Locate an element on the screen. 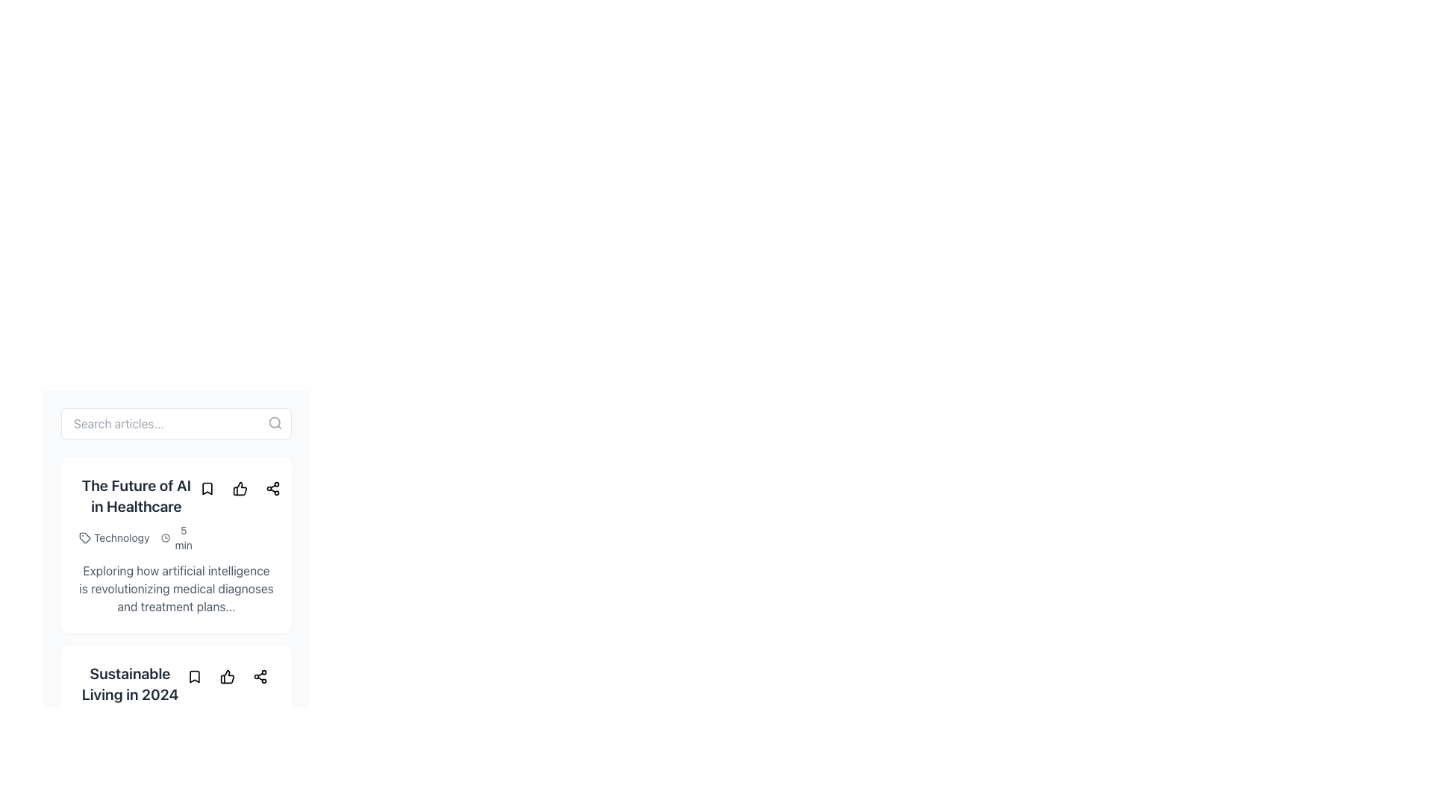 The height and width of the screenshot is (806, 1433). the title text 'Sustainable Living in 2024' located in the second article card is located at coordinates (130, 702).